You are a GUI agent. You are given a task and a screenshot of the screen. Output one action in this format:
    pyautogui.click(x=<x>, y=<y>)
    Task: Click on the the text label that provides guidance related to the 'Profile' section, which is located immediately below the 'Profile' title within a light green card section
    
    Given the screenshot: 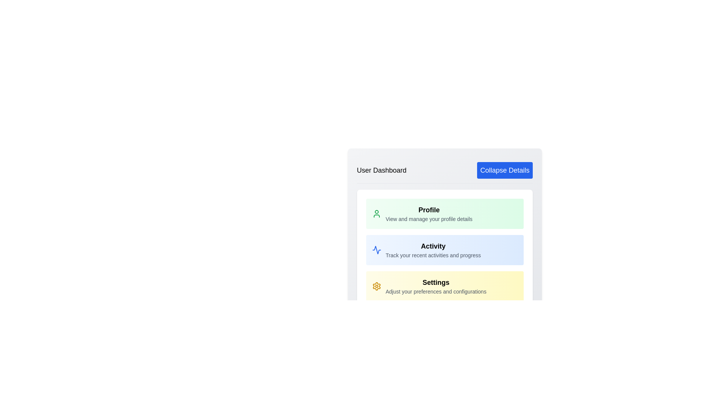 What is the action you would take?
    pyautogui.click(x=429, y=219)
    